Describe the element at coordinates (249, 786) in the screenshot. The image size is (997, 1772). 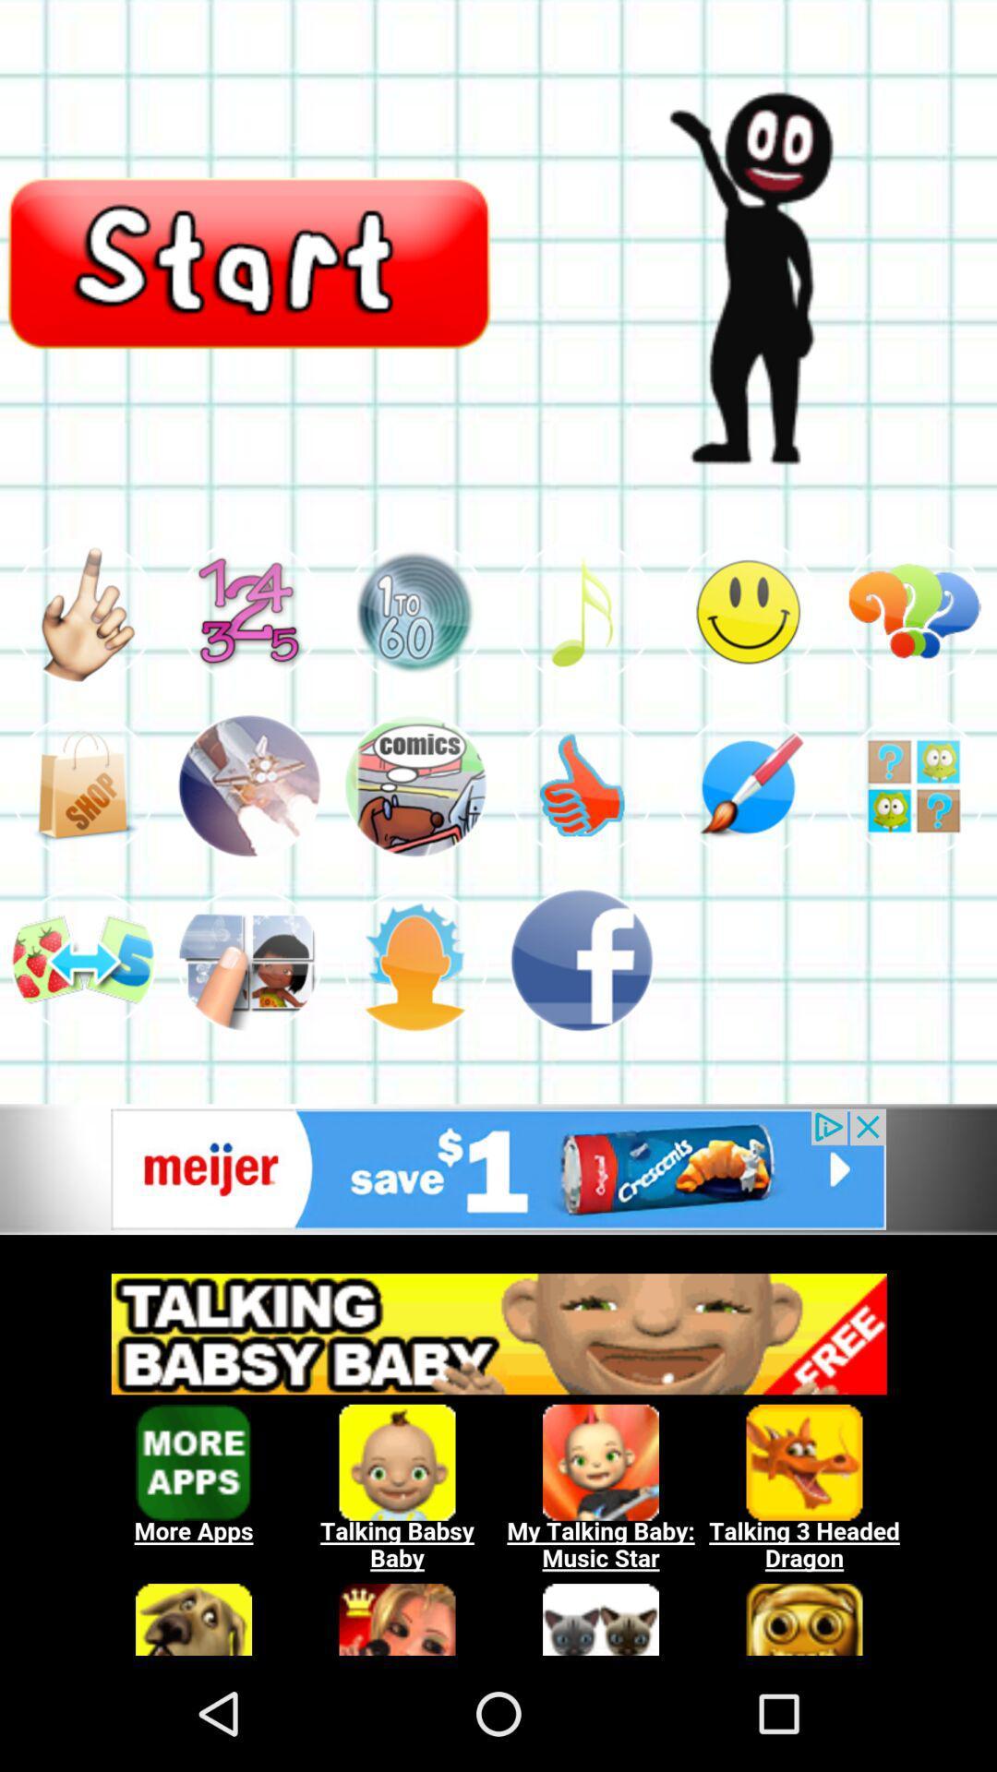
I see `the second row second image` at that location.